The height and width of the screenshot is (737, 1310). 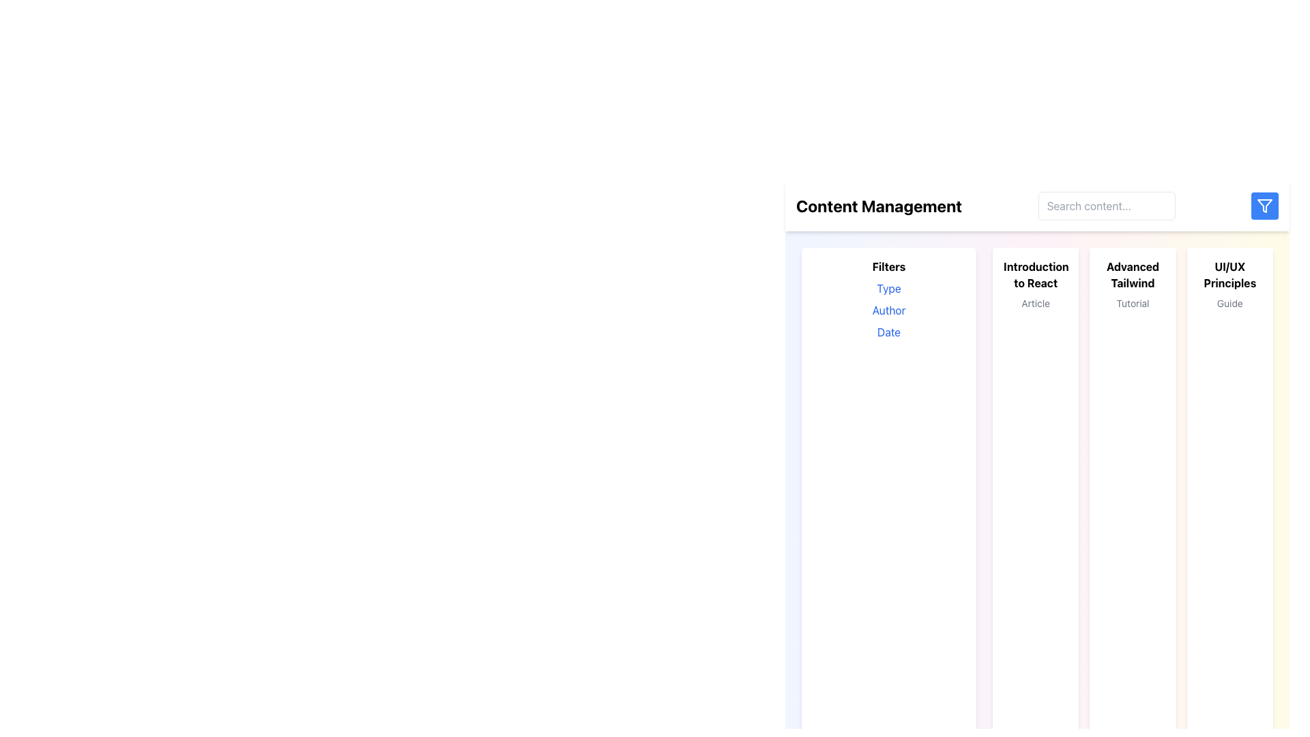 I want to click on the blue triangular funnel icon located in the top-right corner of the interface, so click(x=1264, y=205).